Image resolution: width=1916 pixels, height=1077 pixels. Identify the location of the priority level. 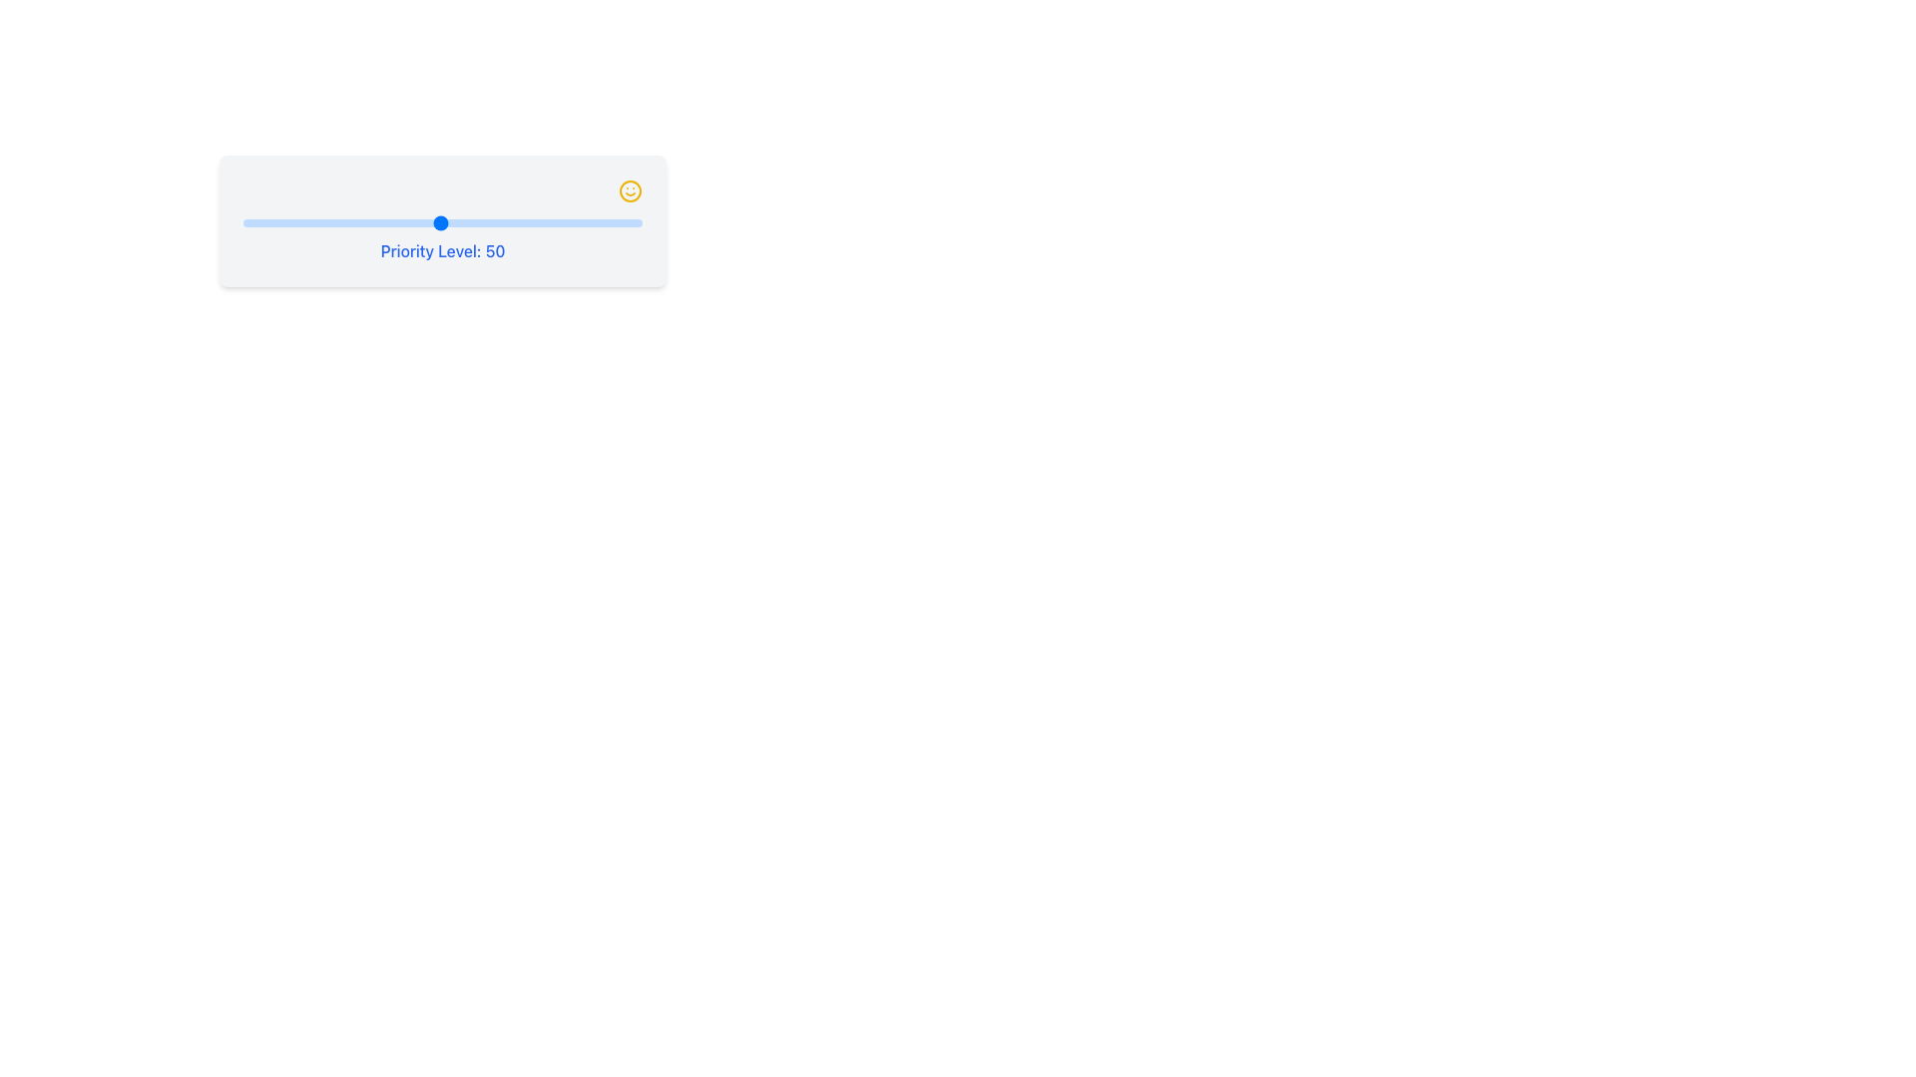
(589, 222).